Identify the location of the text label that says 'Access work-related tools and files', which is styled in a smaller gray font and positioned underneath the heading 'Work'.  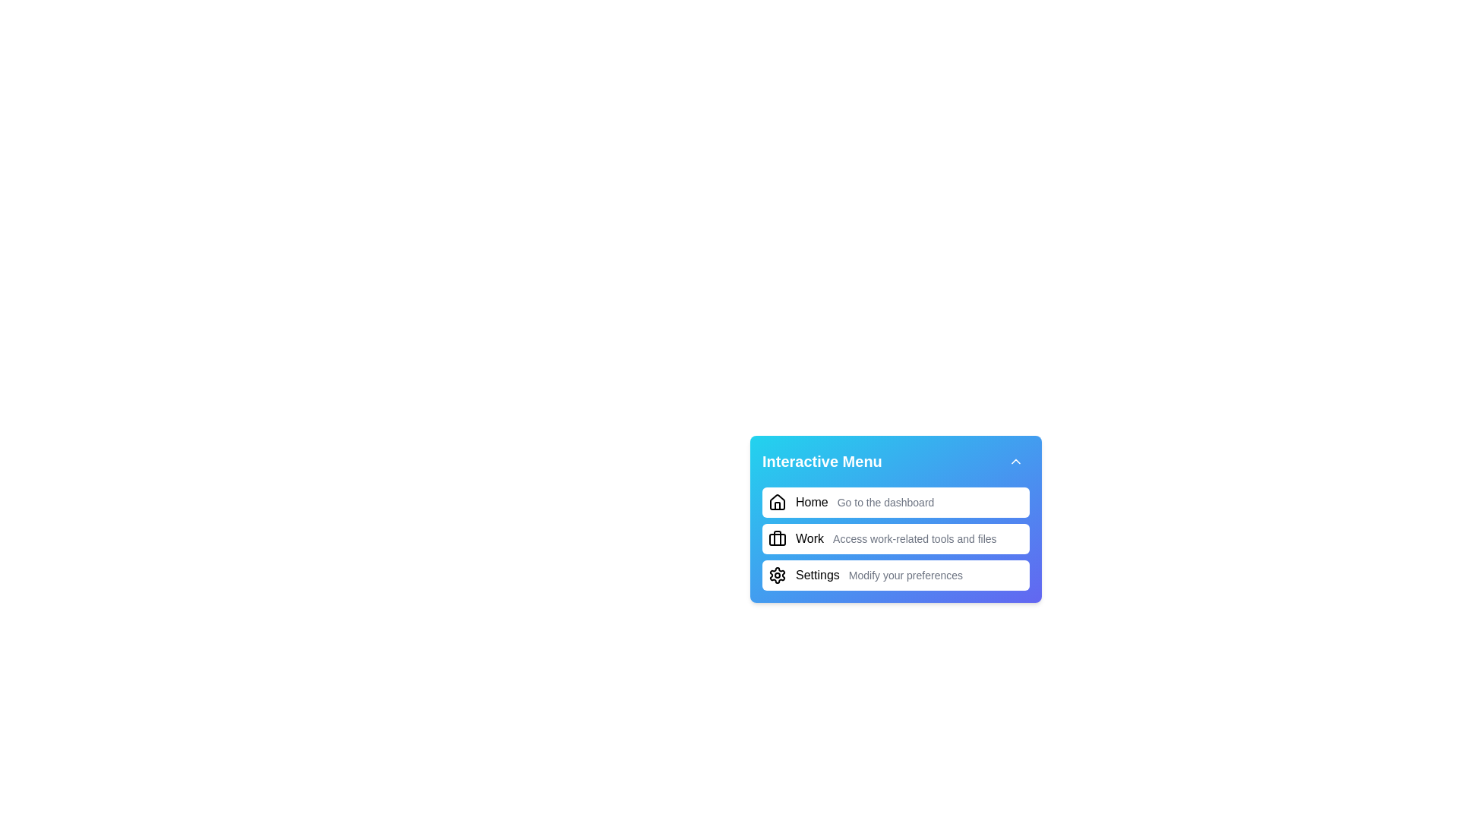
(914, 538).